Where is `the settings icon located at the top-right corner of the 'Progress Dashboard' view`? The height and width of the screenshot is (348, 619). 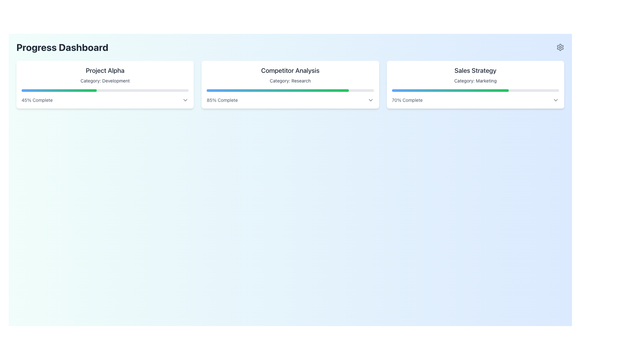 the settings icon located at the top-right corner of the 'Progress Dashboard' view is located at coordinates (560, 47).